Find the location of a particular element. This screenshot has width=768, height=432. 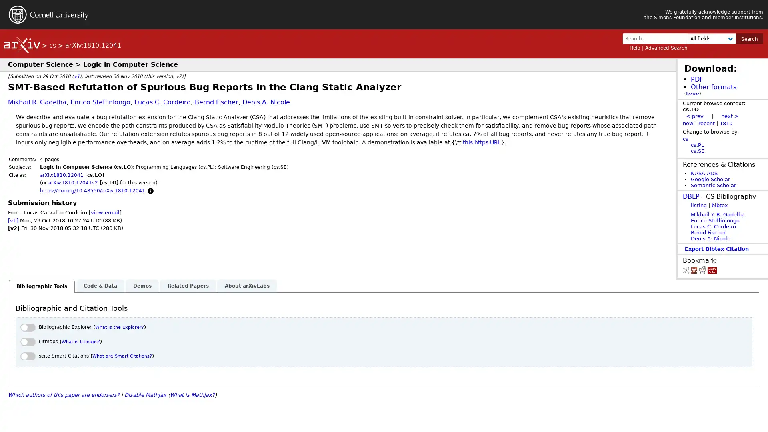

Focus to learn more is located at coordinates (149, 191).